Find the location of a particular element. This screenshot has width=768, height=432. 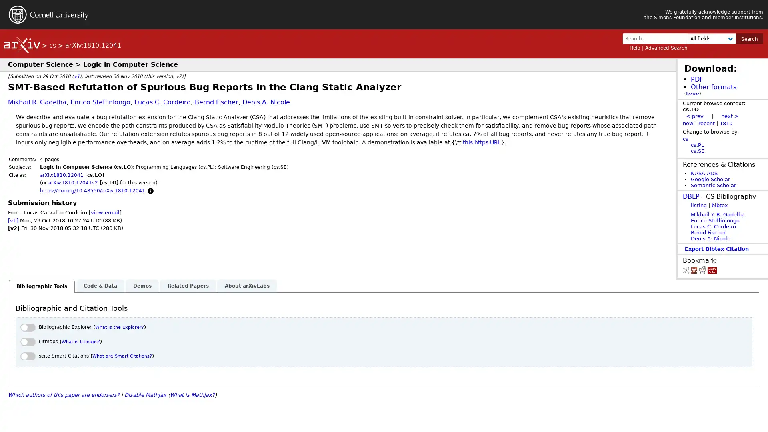

Focus to learn more is located at coordinates (149, 191).